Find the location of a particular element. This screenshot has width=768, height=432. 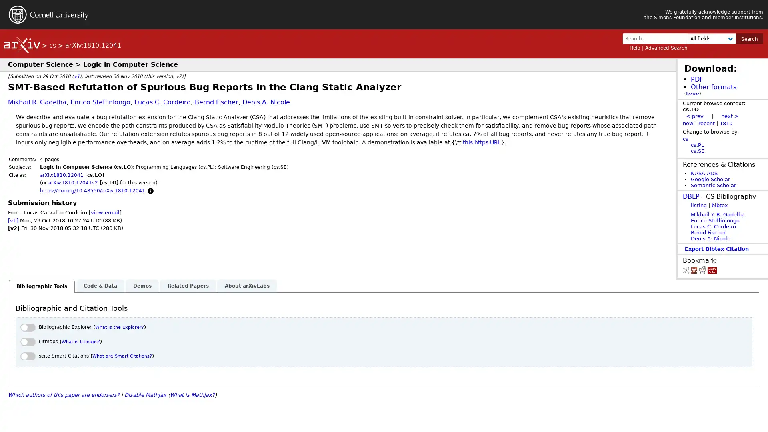

Focus to learn more is located at coordinates (149, 191).